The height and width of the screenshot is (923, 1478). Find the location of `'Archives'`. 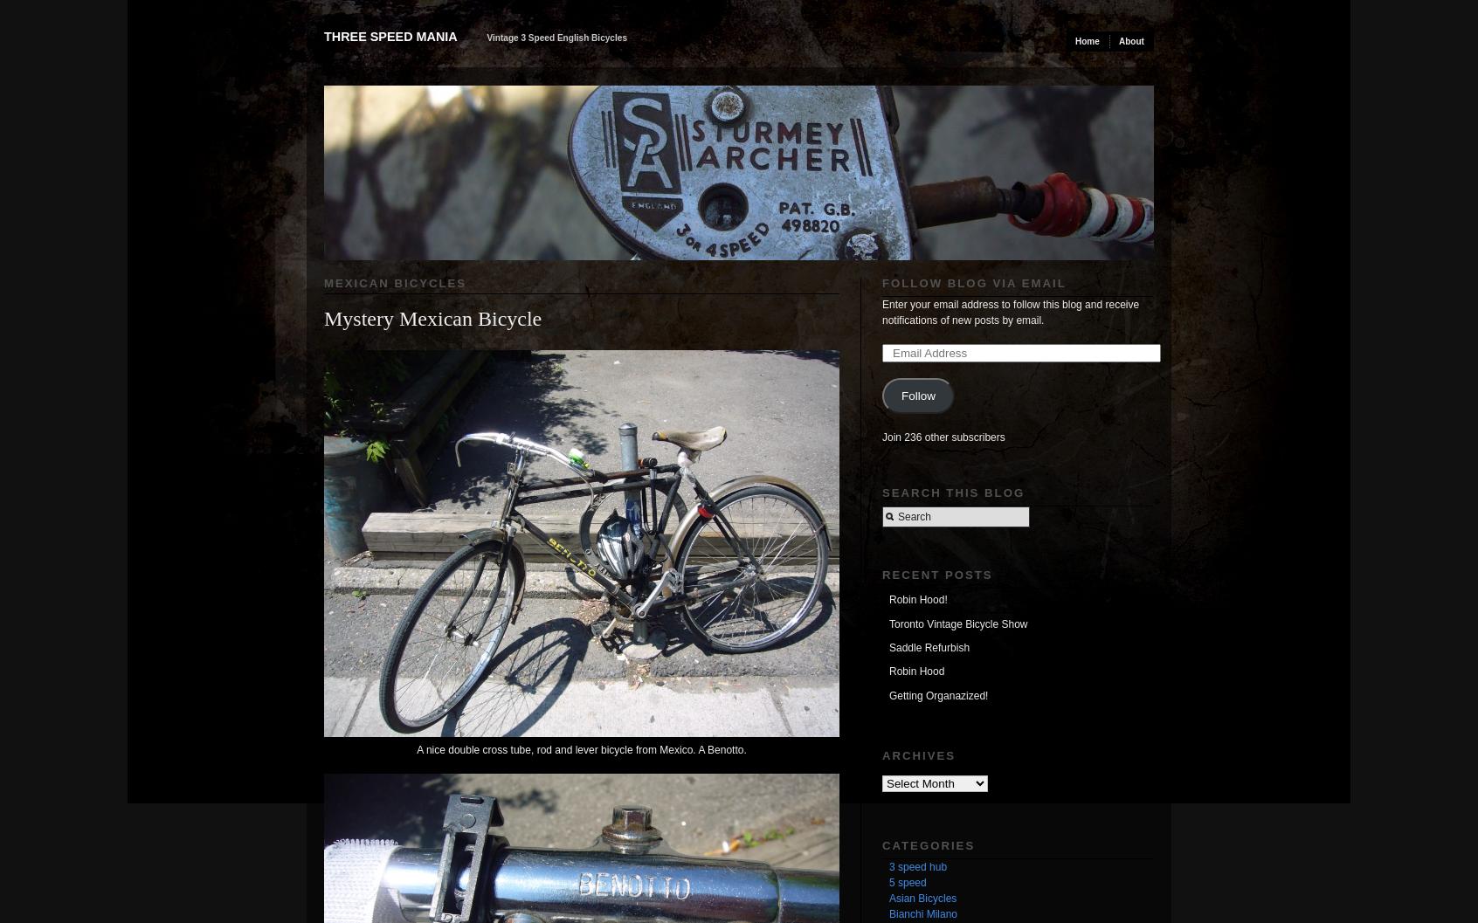

'Archives' is located at coordinates (881, 754).